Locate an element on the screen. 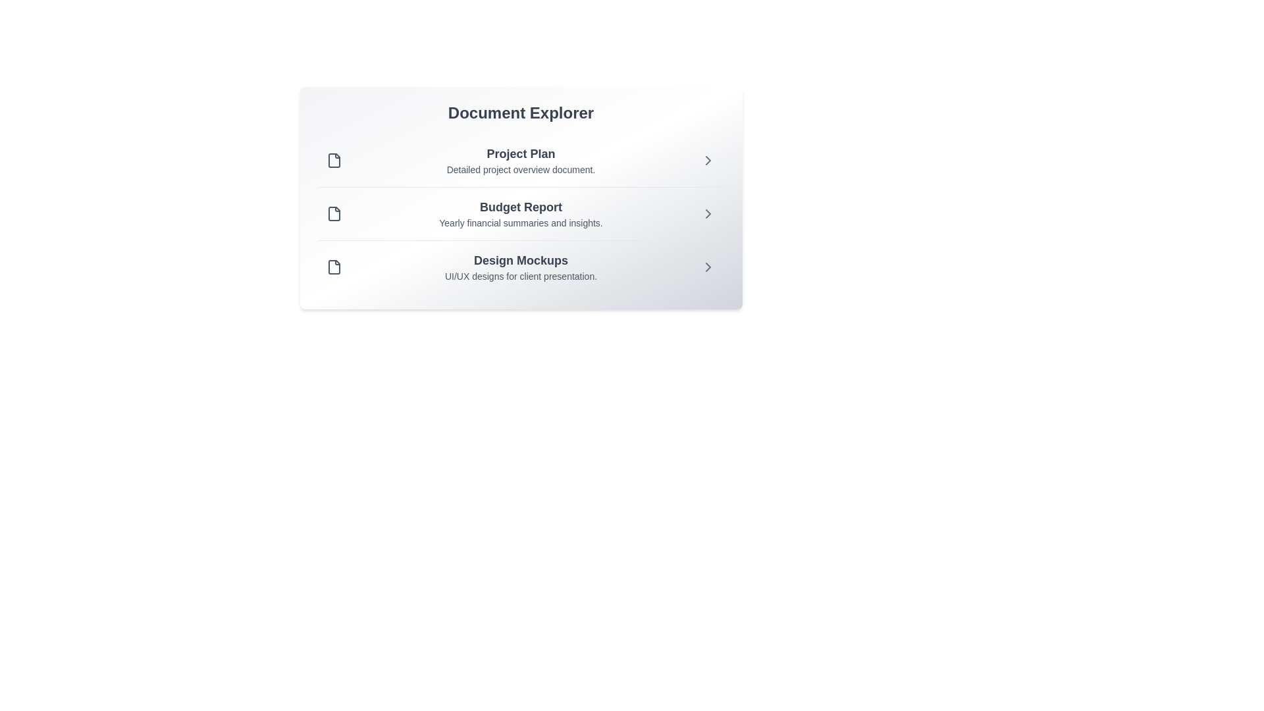  the document icon for Project Plan to select it is located at coordinates (334, 159).